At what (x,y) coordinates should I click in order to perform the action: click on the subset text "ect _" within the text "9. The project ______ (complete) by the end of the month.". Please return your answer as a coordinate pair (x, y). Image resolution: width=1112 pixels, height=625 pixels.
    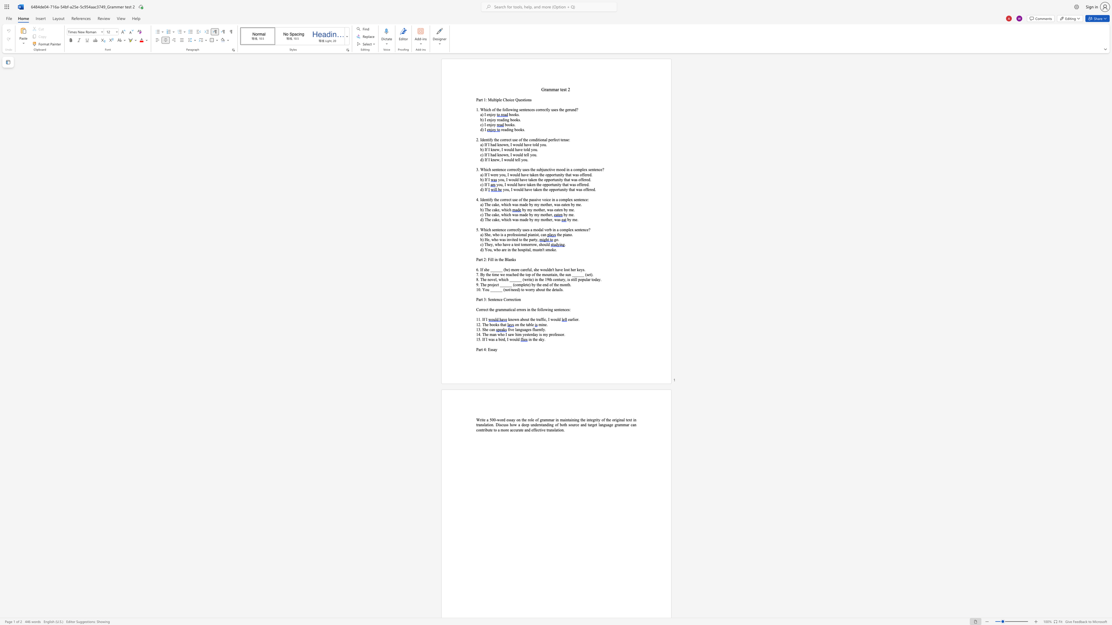
    Looking at the image, I should click on (494, 284).